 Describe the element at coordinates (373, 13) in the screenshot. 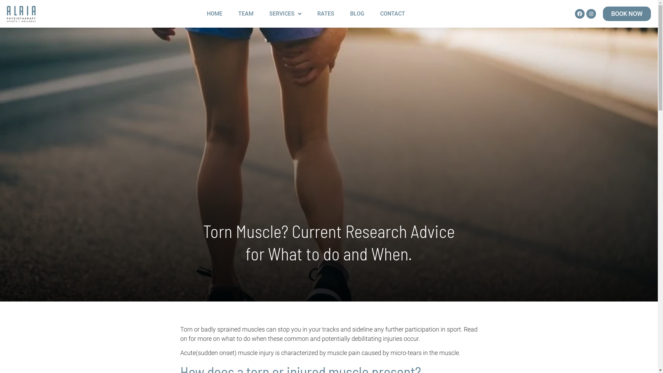

I see `'CONTACT'` at that location.